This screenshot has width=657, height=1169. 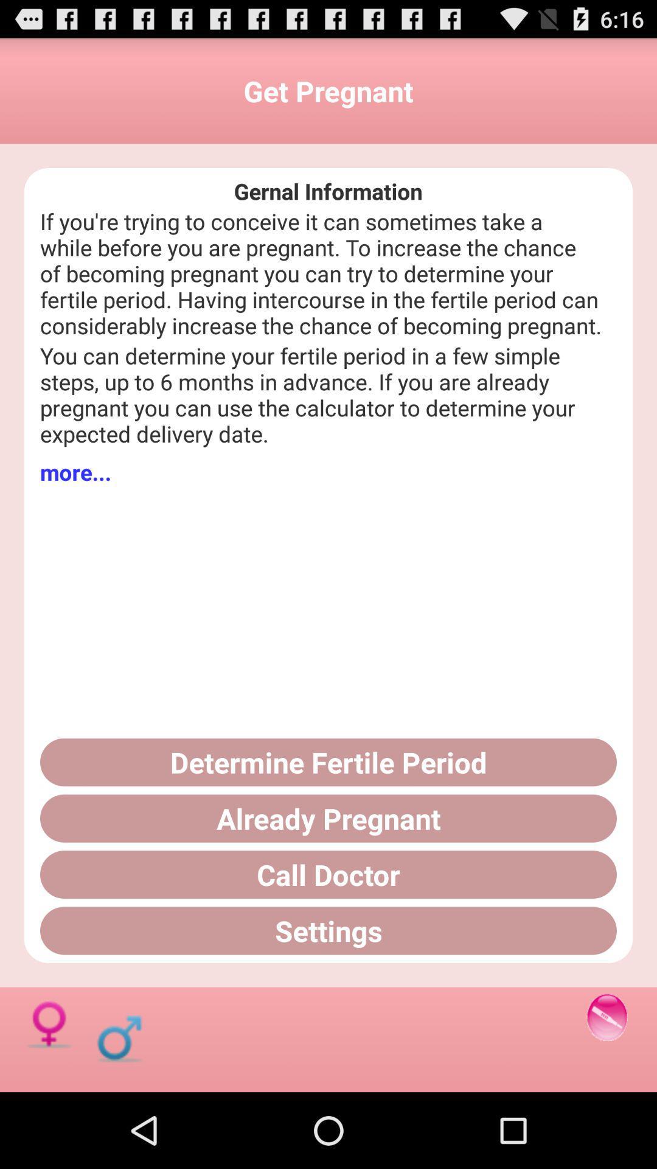 What do you see at coordinates (75, 471) in the screenshot?
I see `item below you can determine icon` at bounding box center [75, 471].